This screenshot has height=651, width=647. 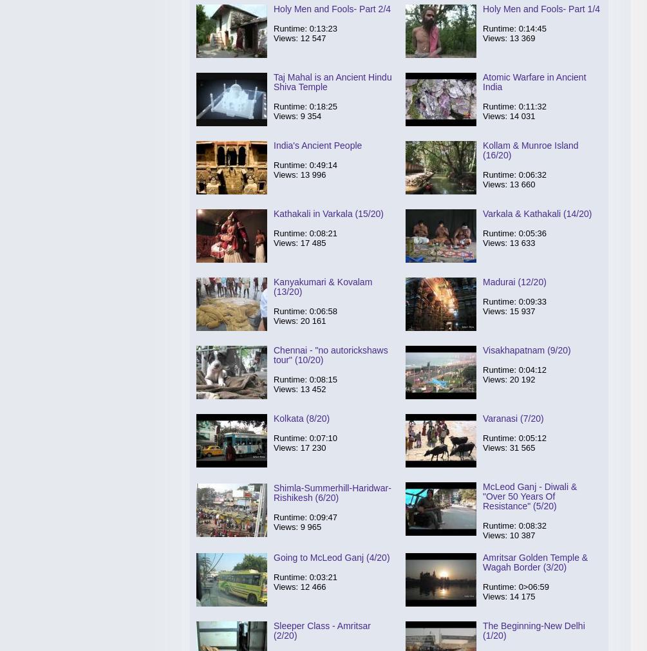 What do you see at coordinates (332, 81) in the screenshot?
I see `'Taj Mahal is an Ancient Hindu Shiva Temple'` at bounding box center [332, 81].